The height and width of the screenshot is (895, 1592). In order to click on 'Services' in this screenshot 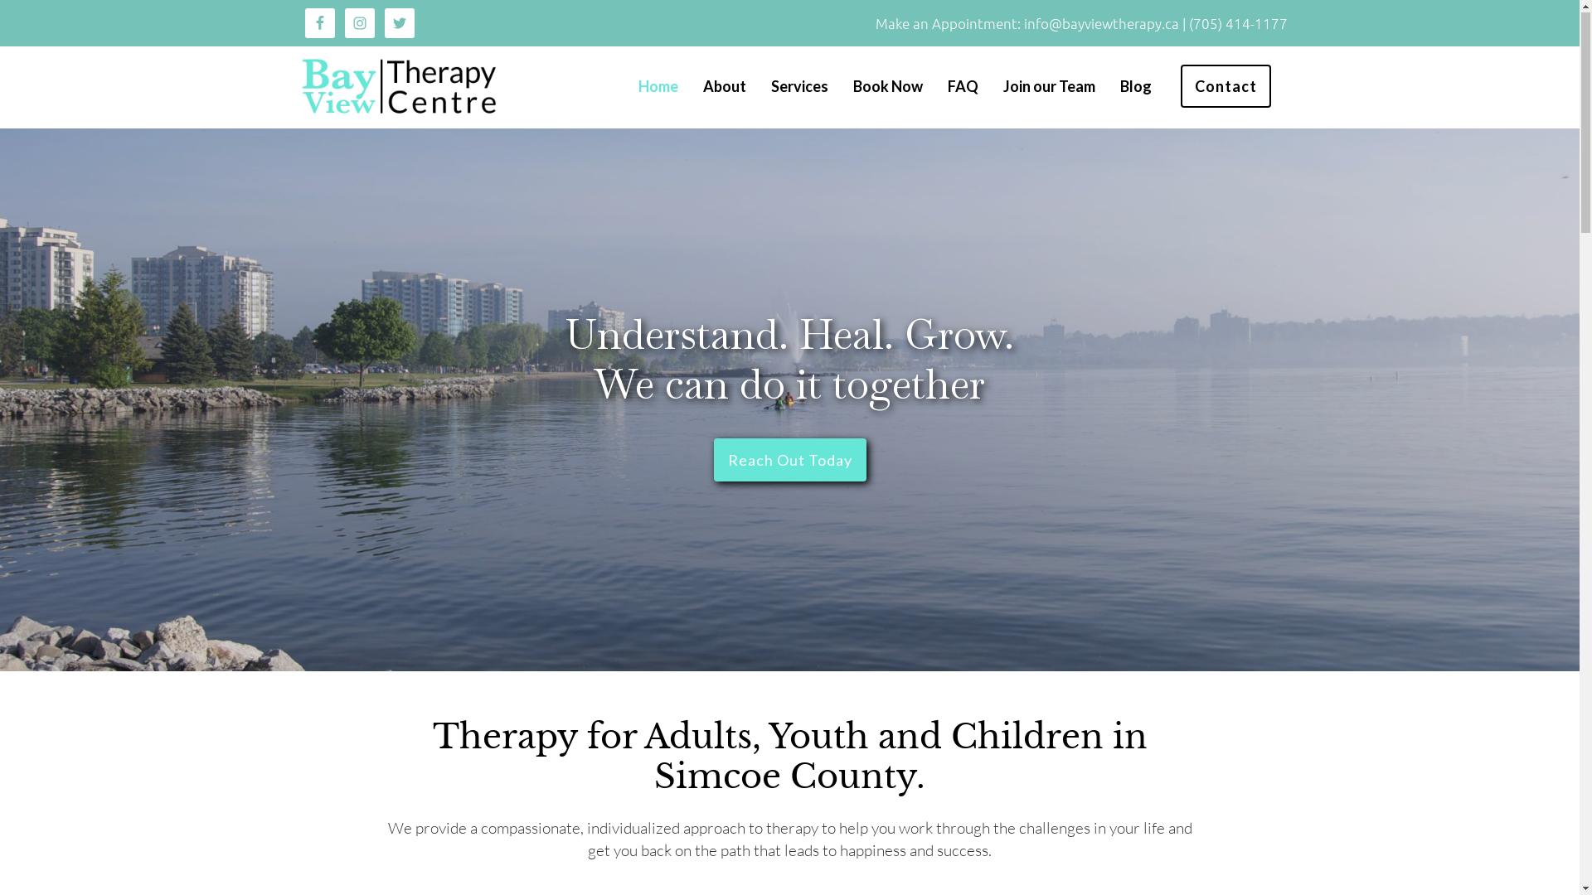, I will do `click(799, 86)`.